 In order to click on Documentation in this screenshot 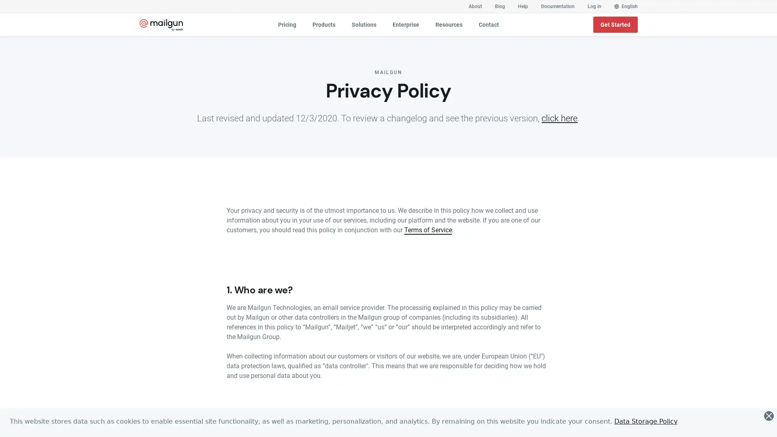, I will do `click(557, 6)`.